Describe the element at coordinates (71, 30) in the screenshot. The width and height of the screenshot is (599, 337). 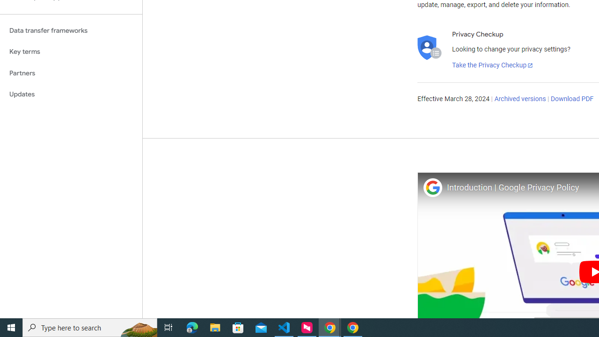
I see `'Data transfer frameworks'` at that location.